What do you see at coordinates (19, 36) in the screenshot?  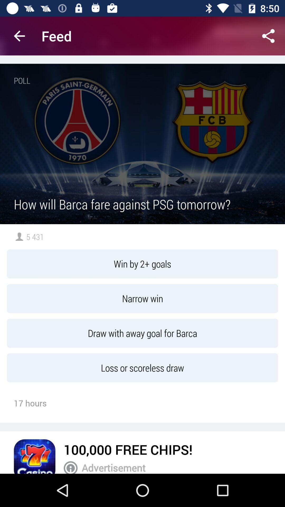 I see `the app next to the feed` at bounding box center [19, 36].